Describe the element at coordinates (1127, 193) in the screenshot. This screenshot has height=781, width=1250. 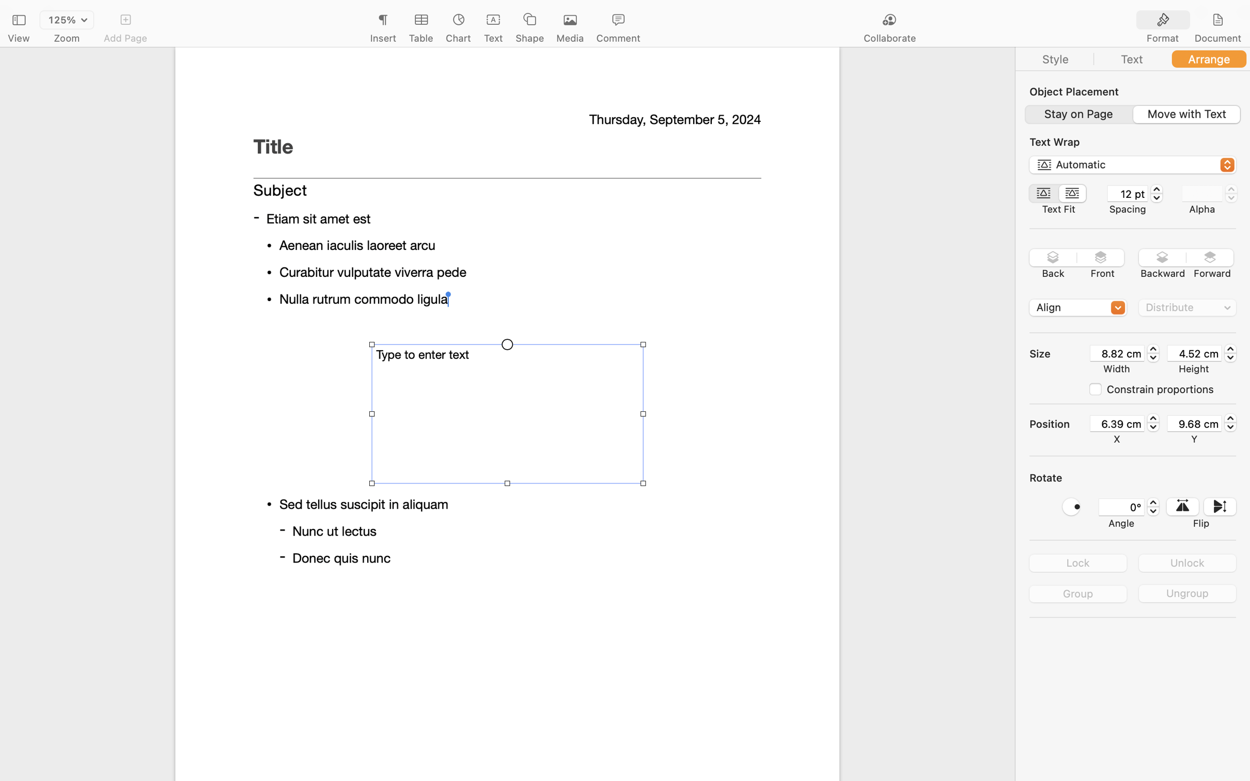
I see `'12 pt'` at that location.